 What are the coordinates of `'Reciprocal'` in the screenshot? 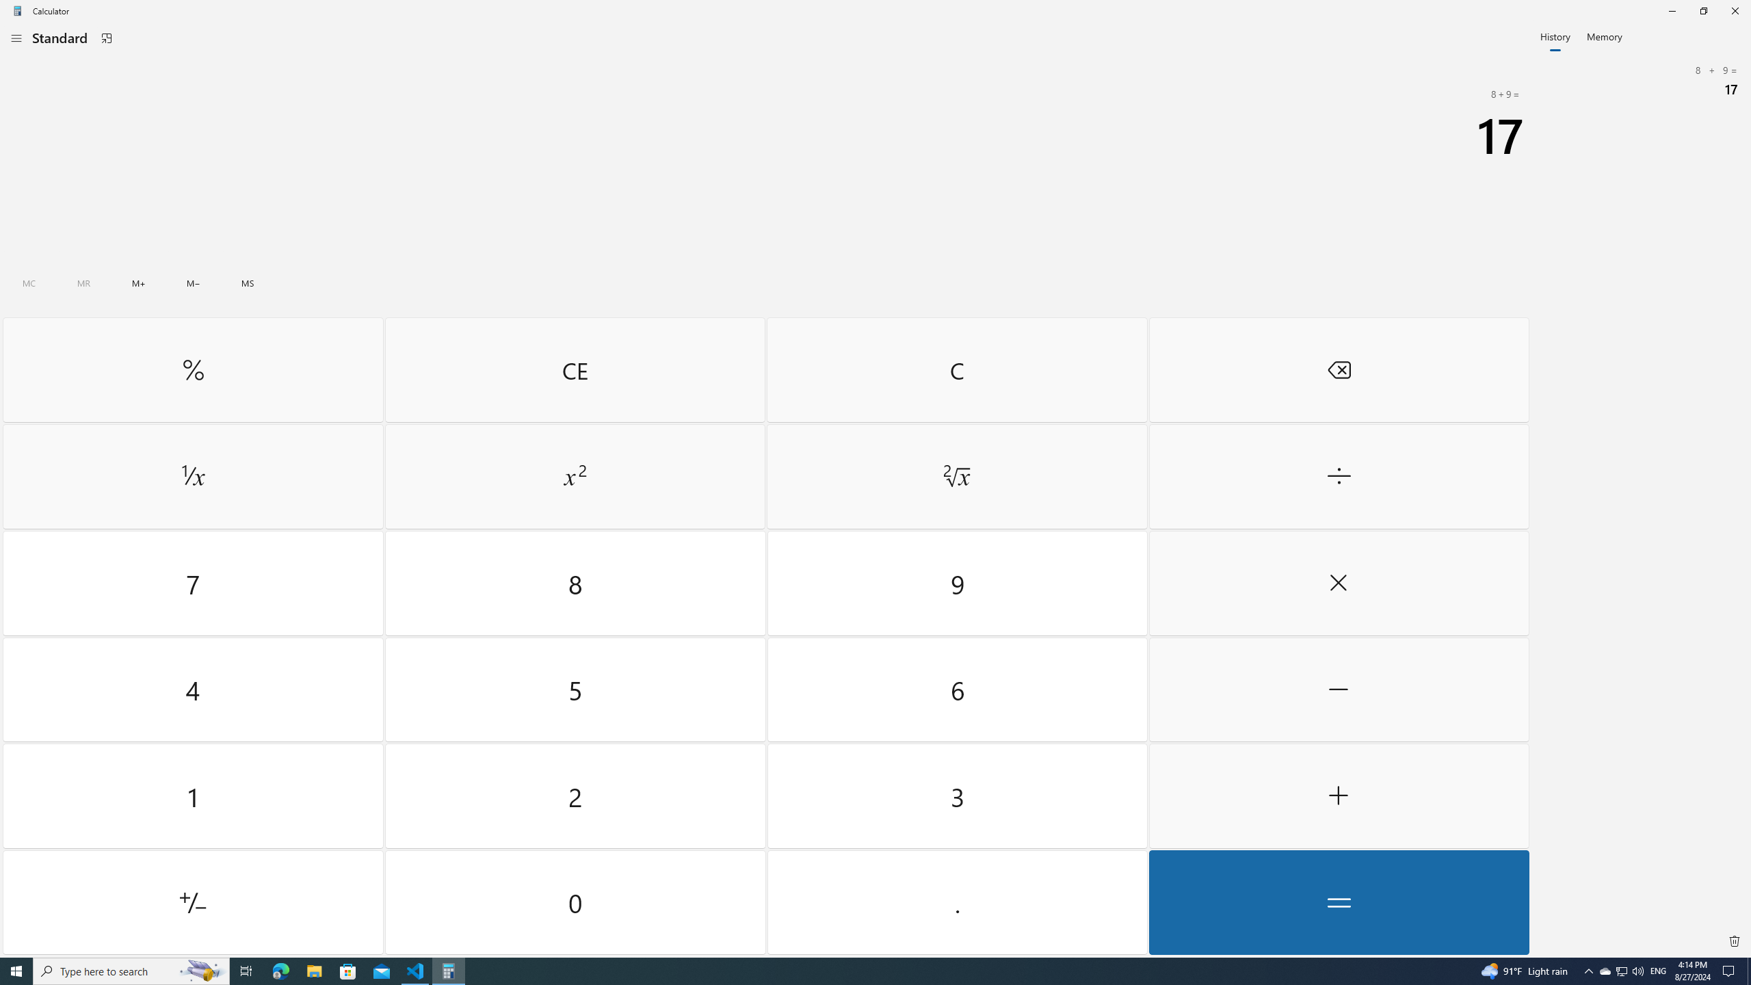 It's located at (192, 477).